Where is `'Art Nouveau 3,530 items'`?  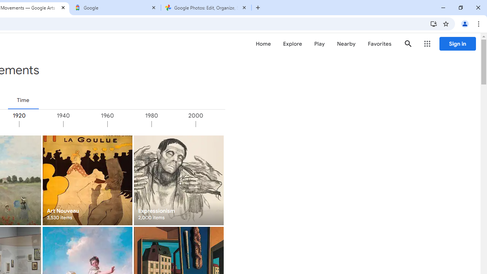 'Art Nouveau 3,530 items' is located at coordinates (87, 180).